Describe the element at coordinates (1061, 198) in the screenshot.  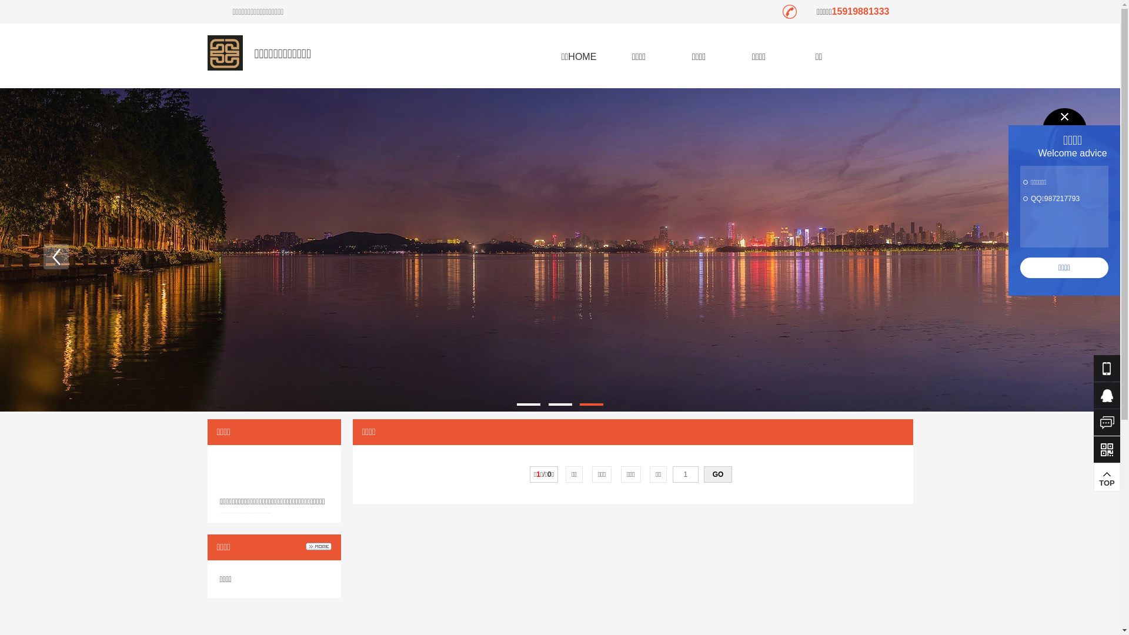
I see `'987217793'` at that location.